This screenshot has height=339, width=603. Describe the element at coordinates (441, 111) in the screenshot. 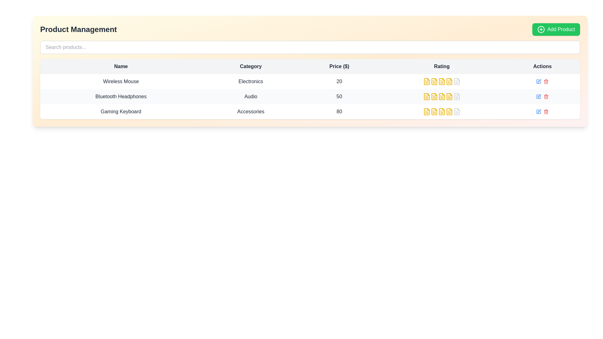

I see `the document icon in the 'Rating' column of the table for the 'Gaming Keyboard' product entry, which is the fourth icon from the left` at that location.